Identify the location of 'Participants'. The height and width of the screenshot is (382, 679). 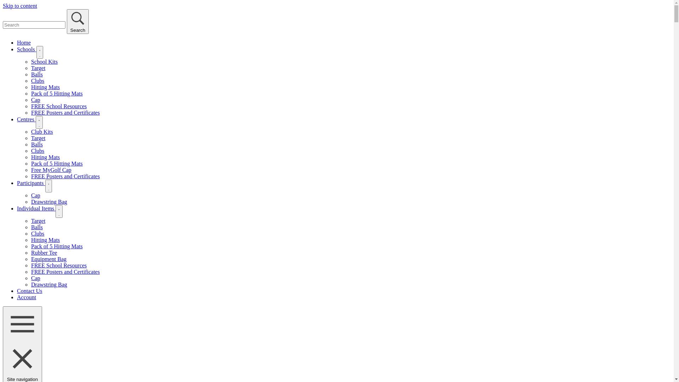
(30, 183).